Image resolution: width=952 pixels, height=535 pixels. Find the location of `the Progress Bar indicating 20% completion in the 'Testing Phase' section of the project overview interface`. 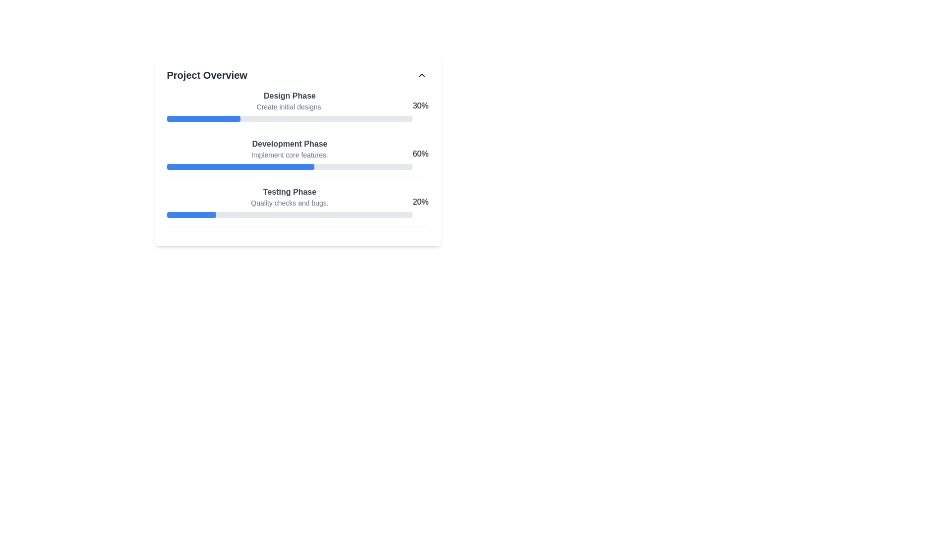

the Progress Bar indicating 20% completion in the 'Testing Phase' section of the project overview interface is located at coordinates (289, 214).